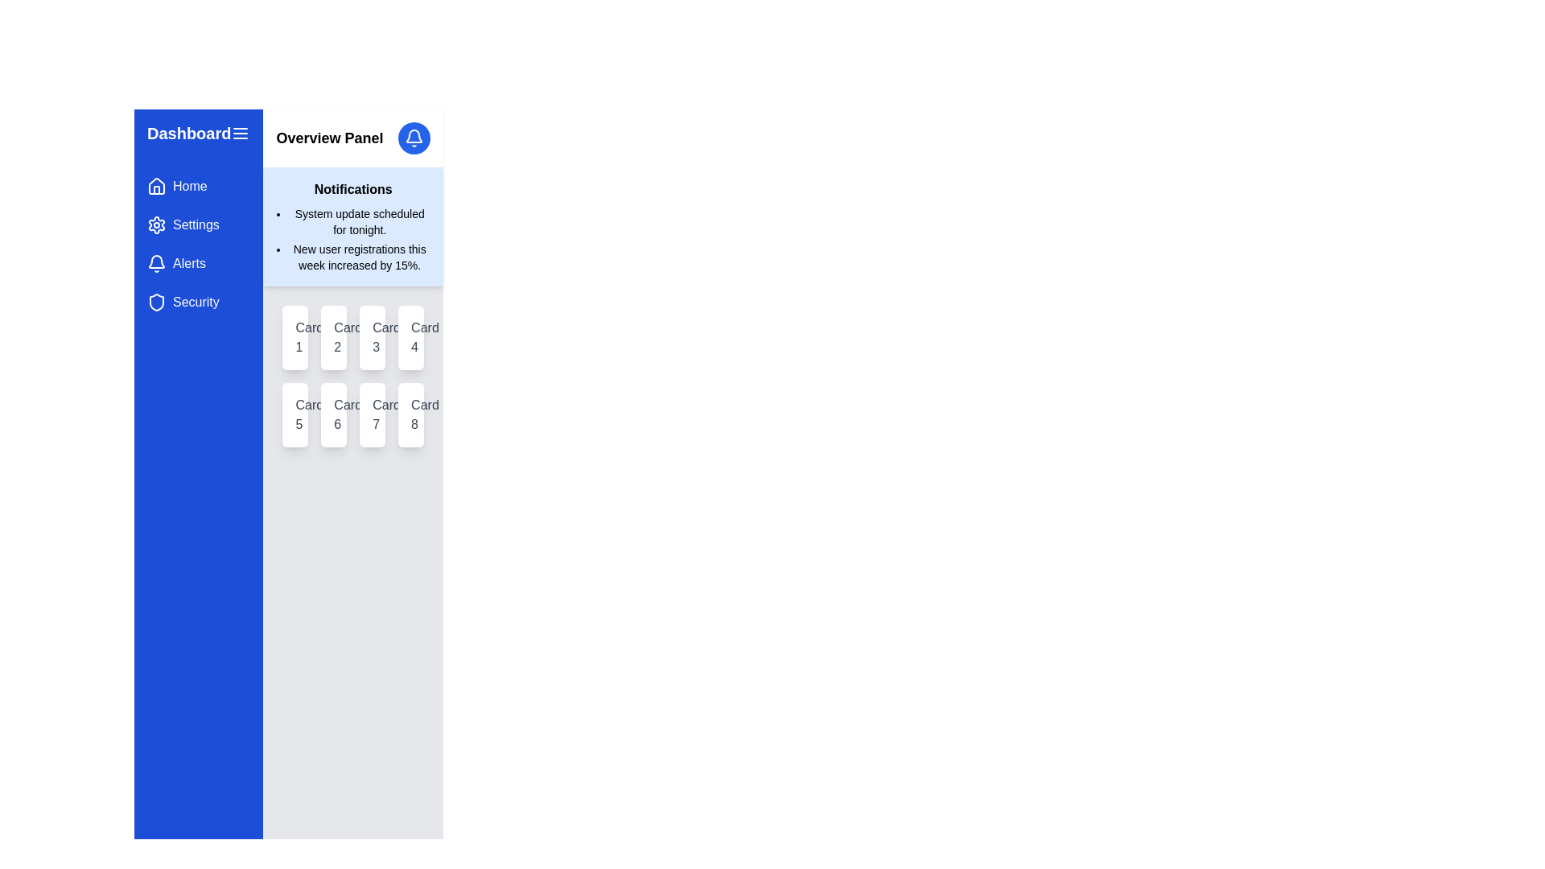 This screenshot has height=869, width=1545. Describe the element at coordinates (157, 185) in the screenshot. I see `the house icon located in the top section of the sidebar navigation panel` at that location.